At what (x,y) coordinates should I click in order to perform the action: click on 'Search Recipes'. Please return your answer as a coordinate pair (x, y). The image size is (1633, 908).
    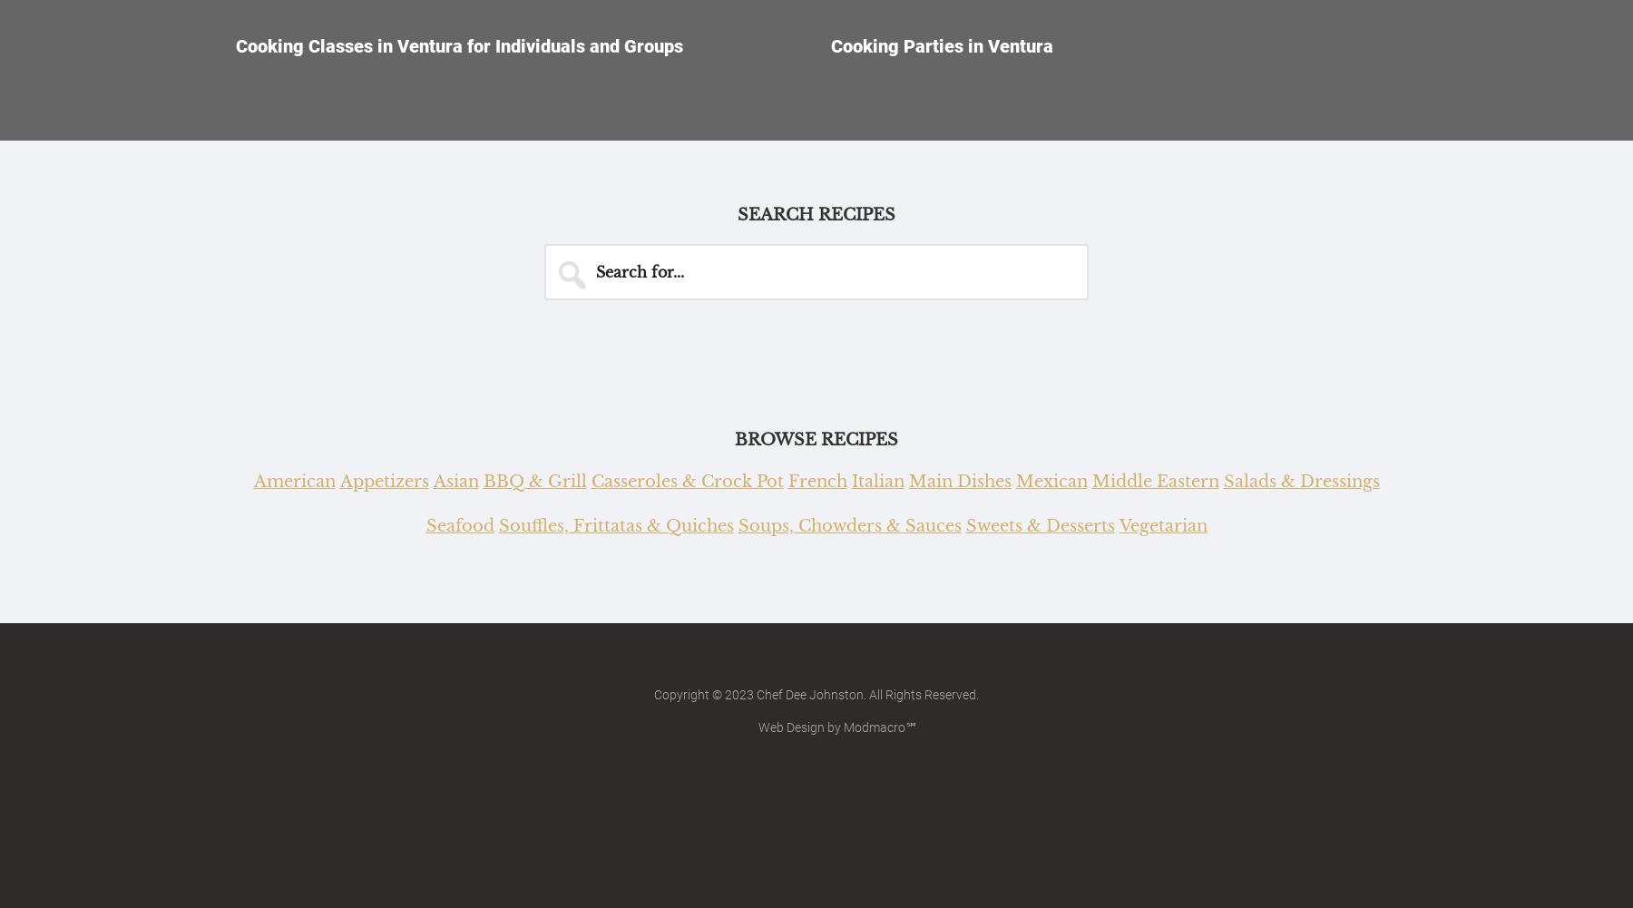
    Looking at the image, I should click on (816, 214).